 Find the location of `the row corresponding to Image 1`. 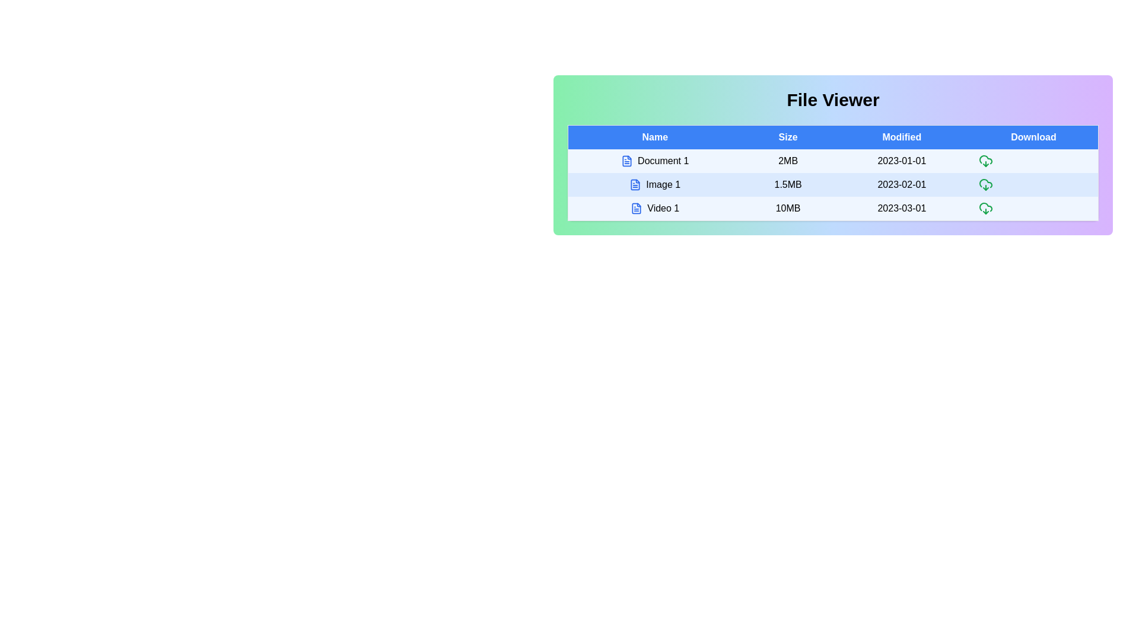

the row corresponding to Image 1 is located at coordinates (654, 185).